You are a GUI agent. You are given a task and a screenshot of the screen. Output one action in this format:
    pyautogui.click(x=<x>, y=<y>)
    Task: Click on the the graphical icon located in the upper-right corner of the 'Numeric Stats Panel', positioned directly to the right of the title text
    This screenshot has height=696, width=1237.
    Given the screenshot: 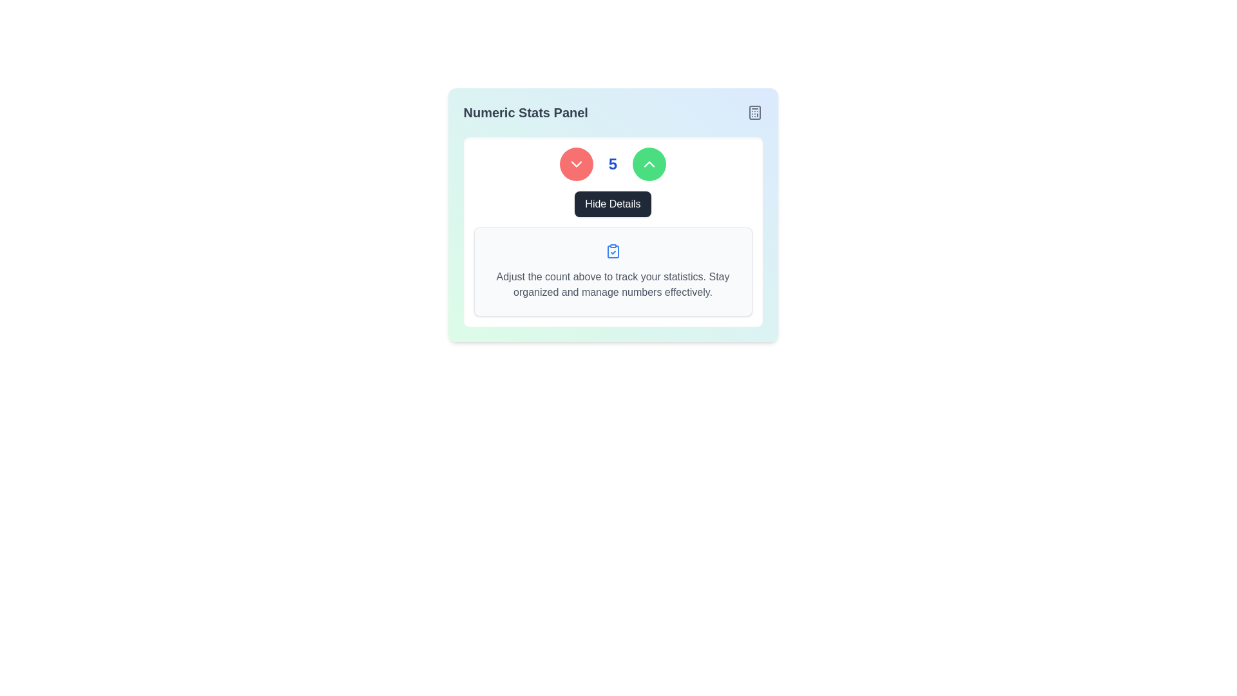 What is the action you would take?
    pyautogui.click(x=754, y=111)
    